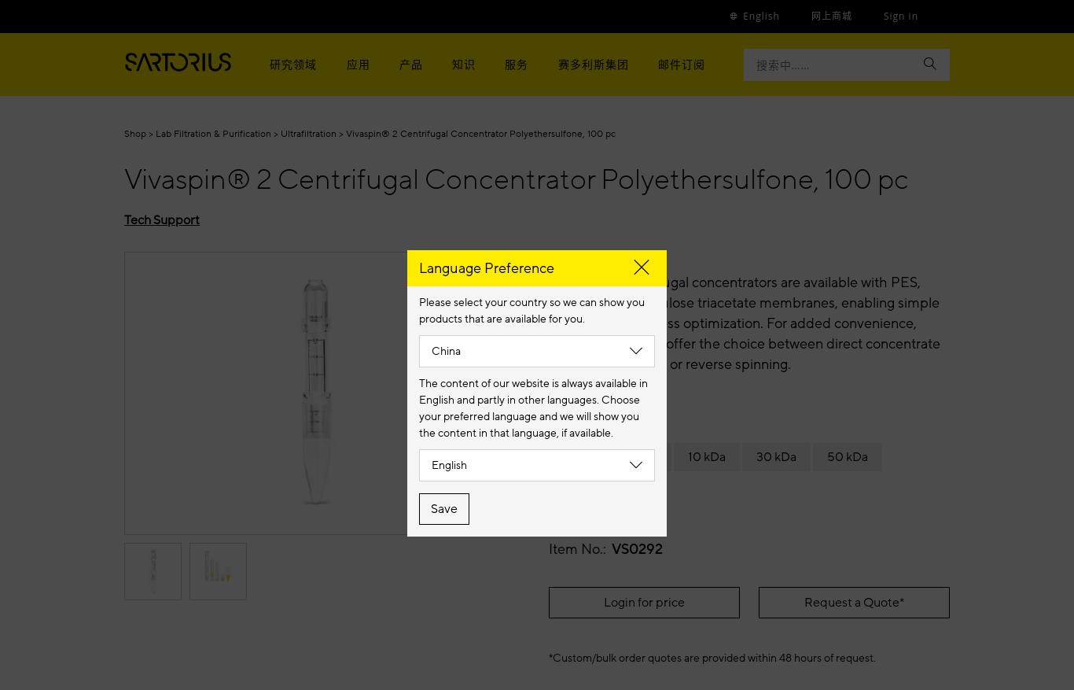  Describe the element at coordinates (576, 424) in the screenshot. I see `'MWCO:'` at that location.